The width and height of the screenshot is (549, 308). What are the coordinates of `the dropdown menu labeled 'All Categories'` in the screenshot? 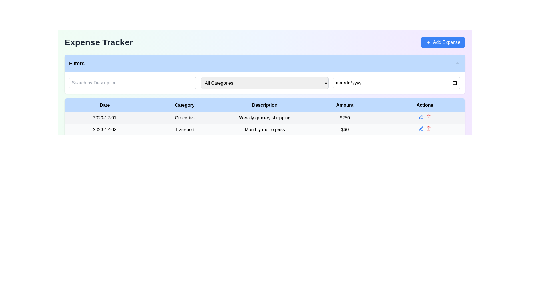 It's located at (264, 83).